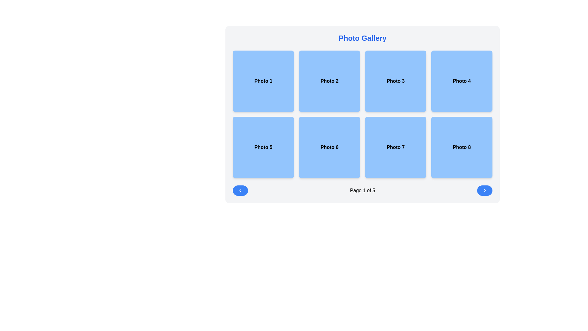 The width and height of the screenshot is (588, 331). Describe the element at coordinates (363, 190) in the screenshot. I see `the static text element displaying 'Page 1 of 5', which is positioned in the center below the grid layout and between two navigational arrows` at that location.